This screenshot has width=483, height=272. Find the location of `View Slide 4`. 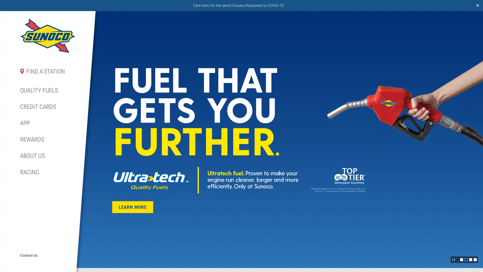

View Slide 4 is located at coordinates (475, 259).